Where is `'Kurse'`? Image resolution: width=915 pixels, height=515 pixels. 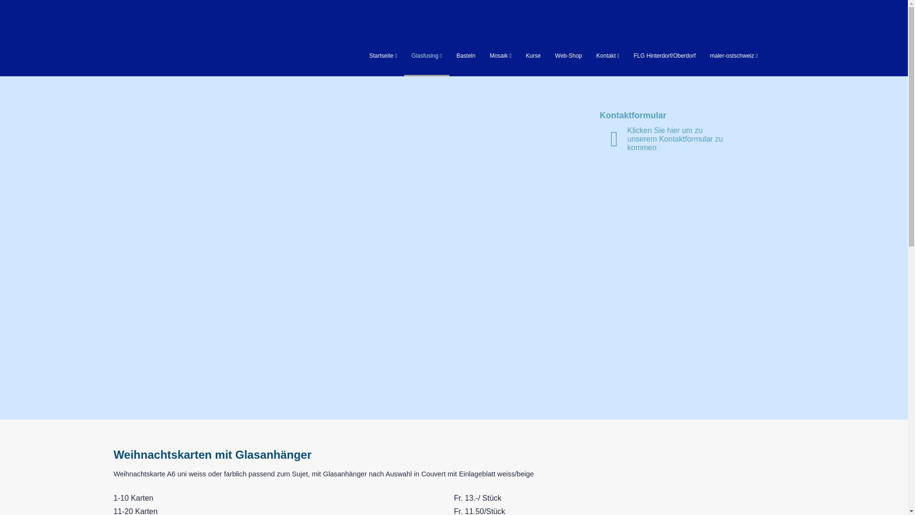 'Kurse' is located at coordinates (532, 55).